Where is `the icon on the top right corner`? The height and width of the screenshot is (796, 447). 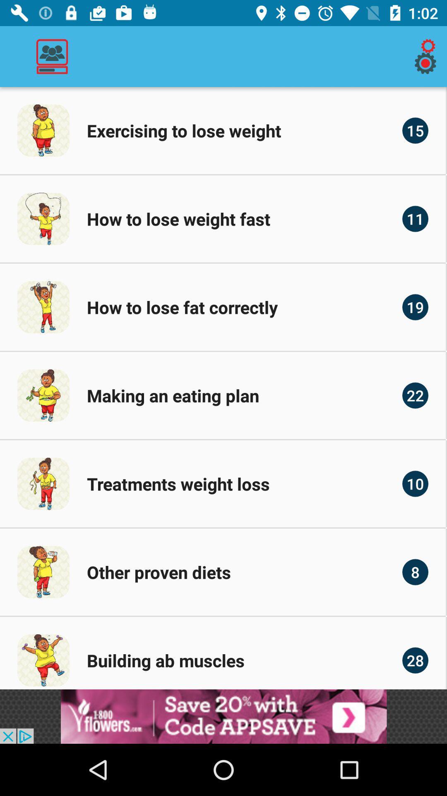
the icon on the top right corner is located at coordinates (428, 56).